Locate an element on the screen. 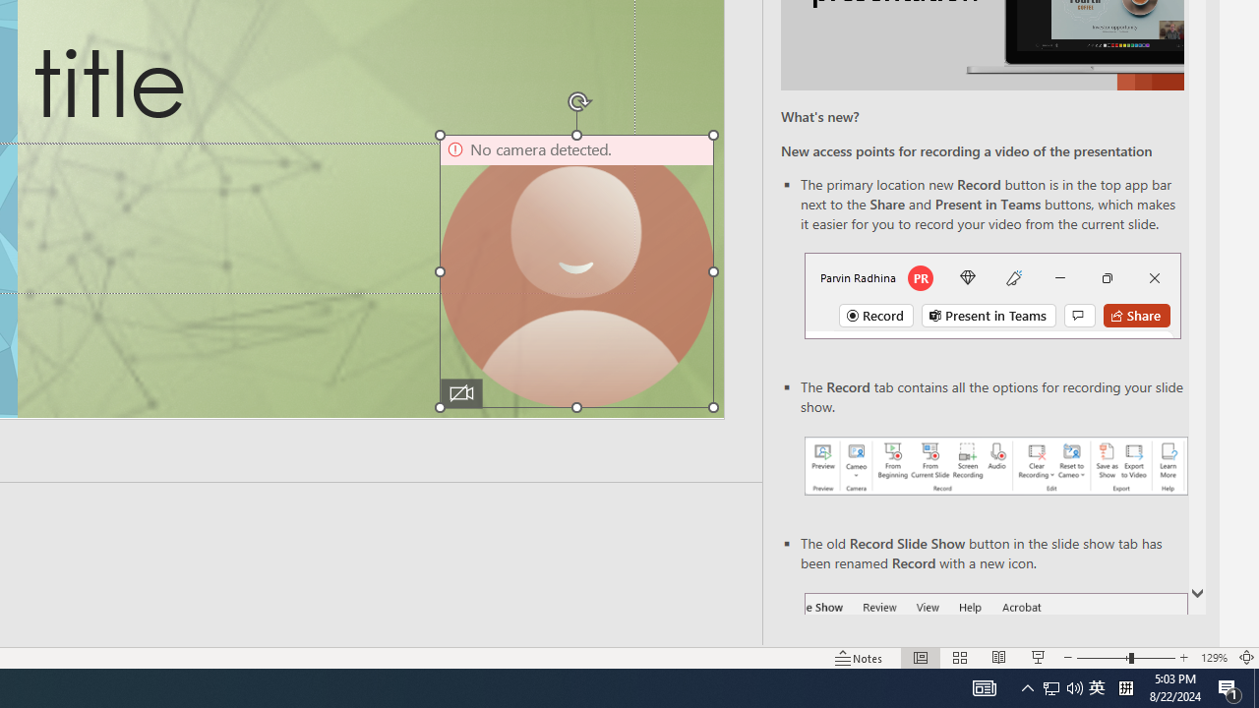 Image resolution: width=1259 pixels, height=708 pixels. 'Zoom' is located at coordinates (1125, 658).